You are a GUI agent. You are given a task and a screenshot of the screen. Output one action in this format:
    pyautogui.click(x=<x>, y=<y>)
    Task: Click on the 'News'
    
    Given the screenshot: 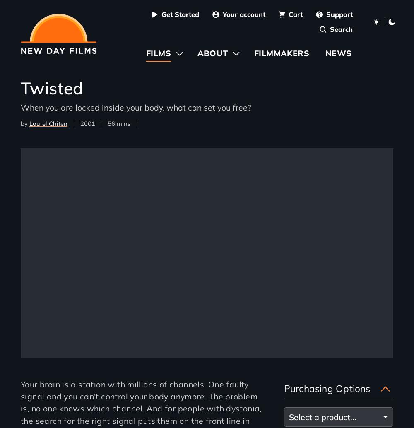 What is the action you would take?
    pyautogui.click(x=338, y=53)
    